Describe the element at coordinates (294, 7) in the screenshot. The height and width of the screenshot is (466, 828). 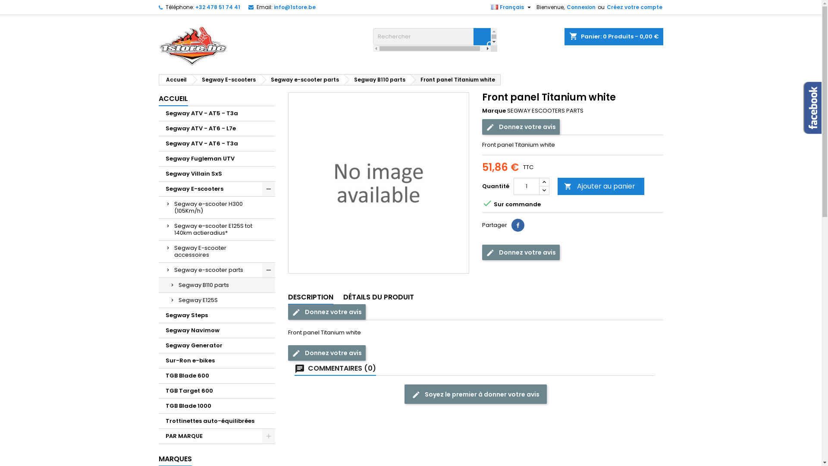
I see `'info@1store.be'` at that location.